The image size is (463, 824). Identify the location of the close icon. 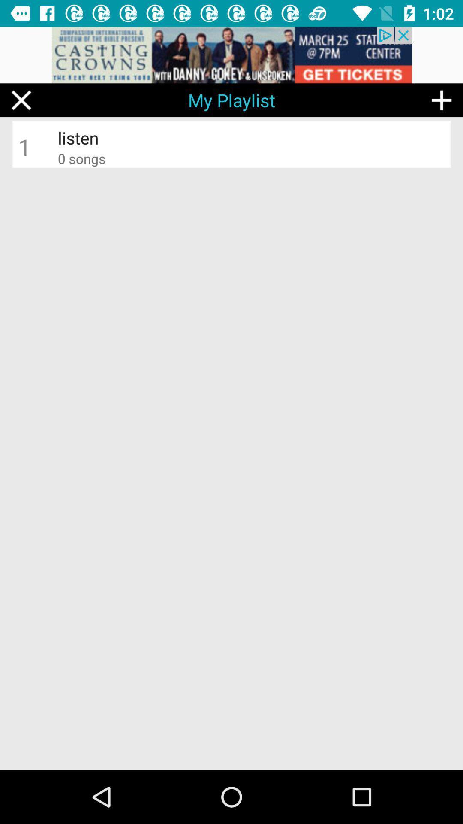
(21, 100).